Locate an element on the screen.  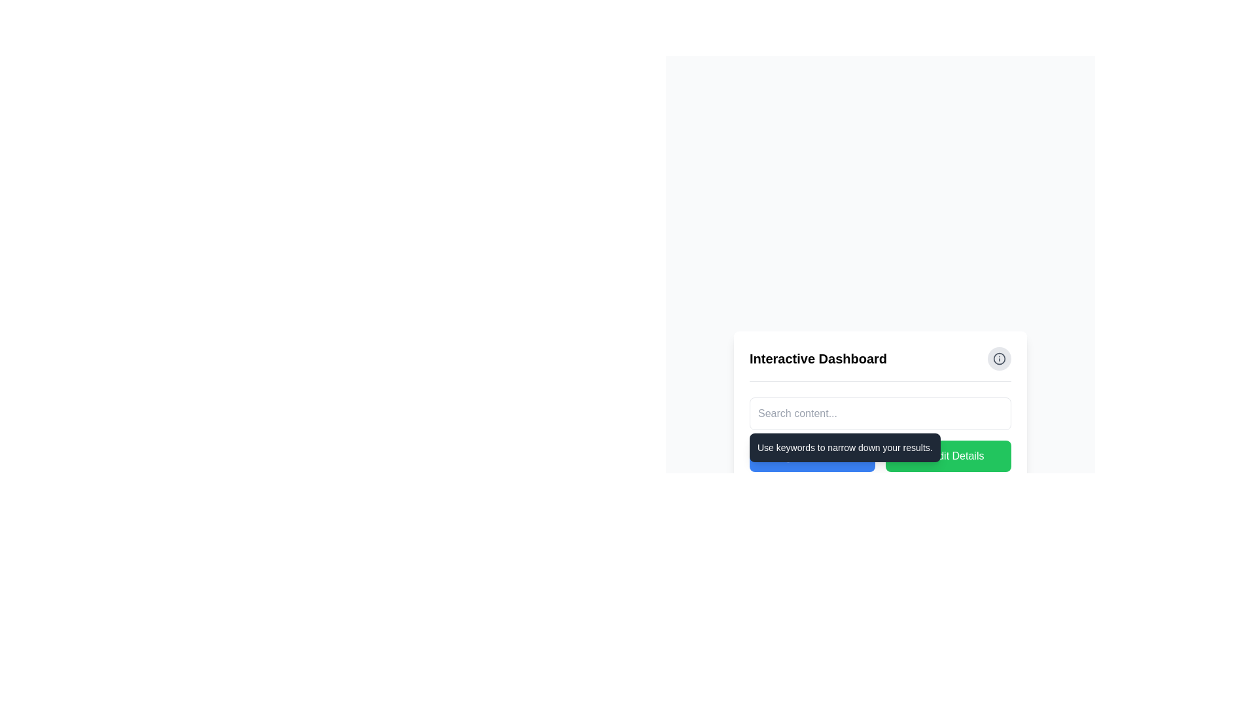
the 'Edit Details' text label, which indicates the action to edit certain details is located at coordinates (958, 455).